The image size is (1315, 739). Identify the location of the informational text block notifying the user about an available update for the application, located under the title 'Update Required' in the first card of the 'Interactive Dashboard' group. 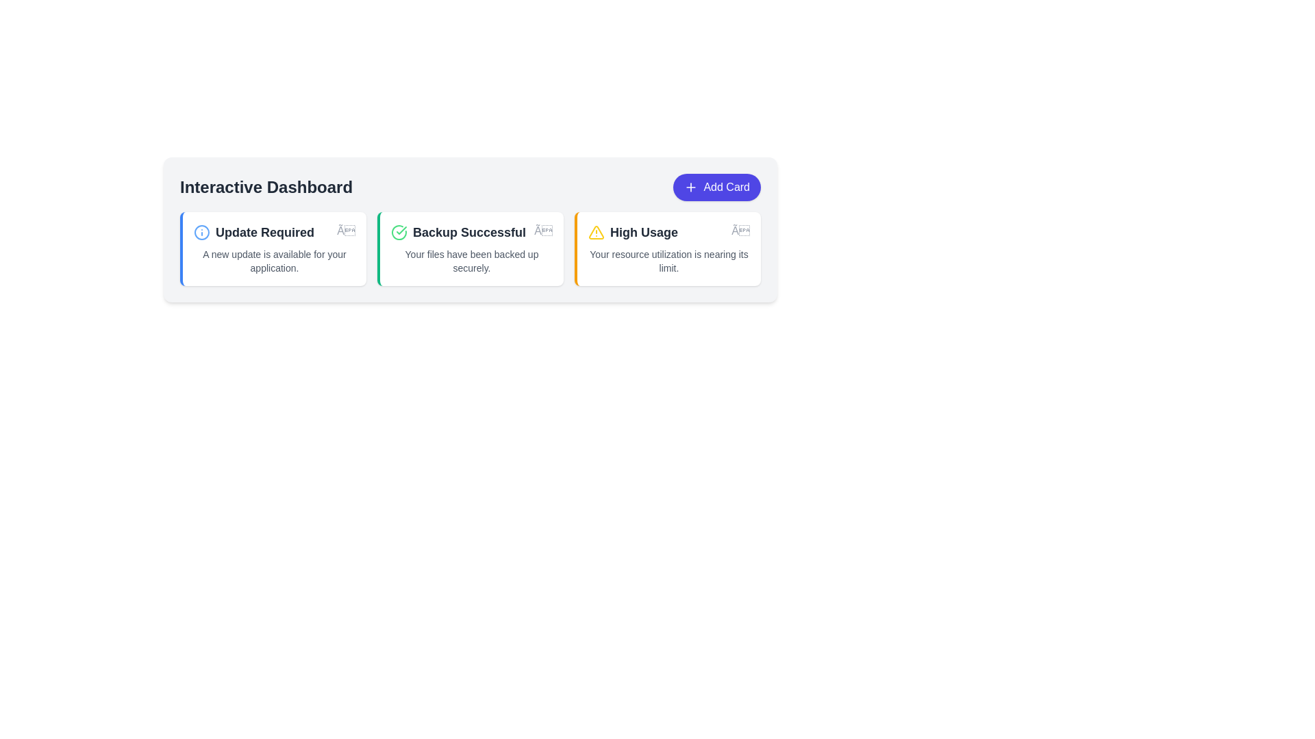
(274, 261).